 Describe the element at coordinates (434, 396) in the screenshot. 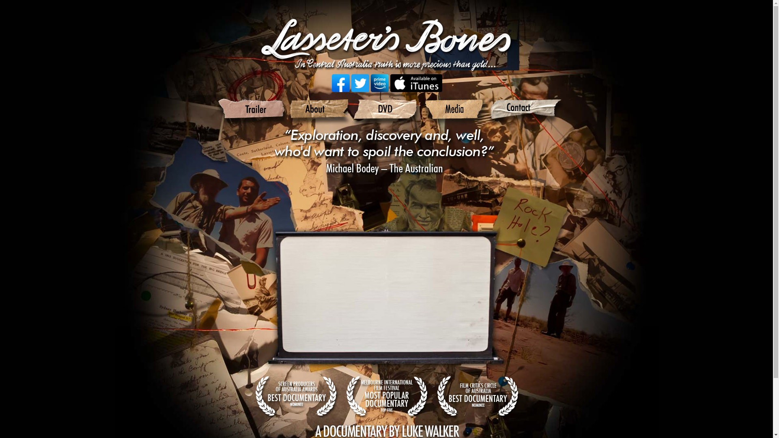

I see `'Film Critics Circle of Australia Best Documentary Nominee'` at that location.